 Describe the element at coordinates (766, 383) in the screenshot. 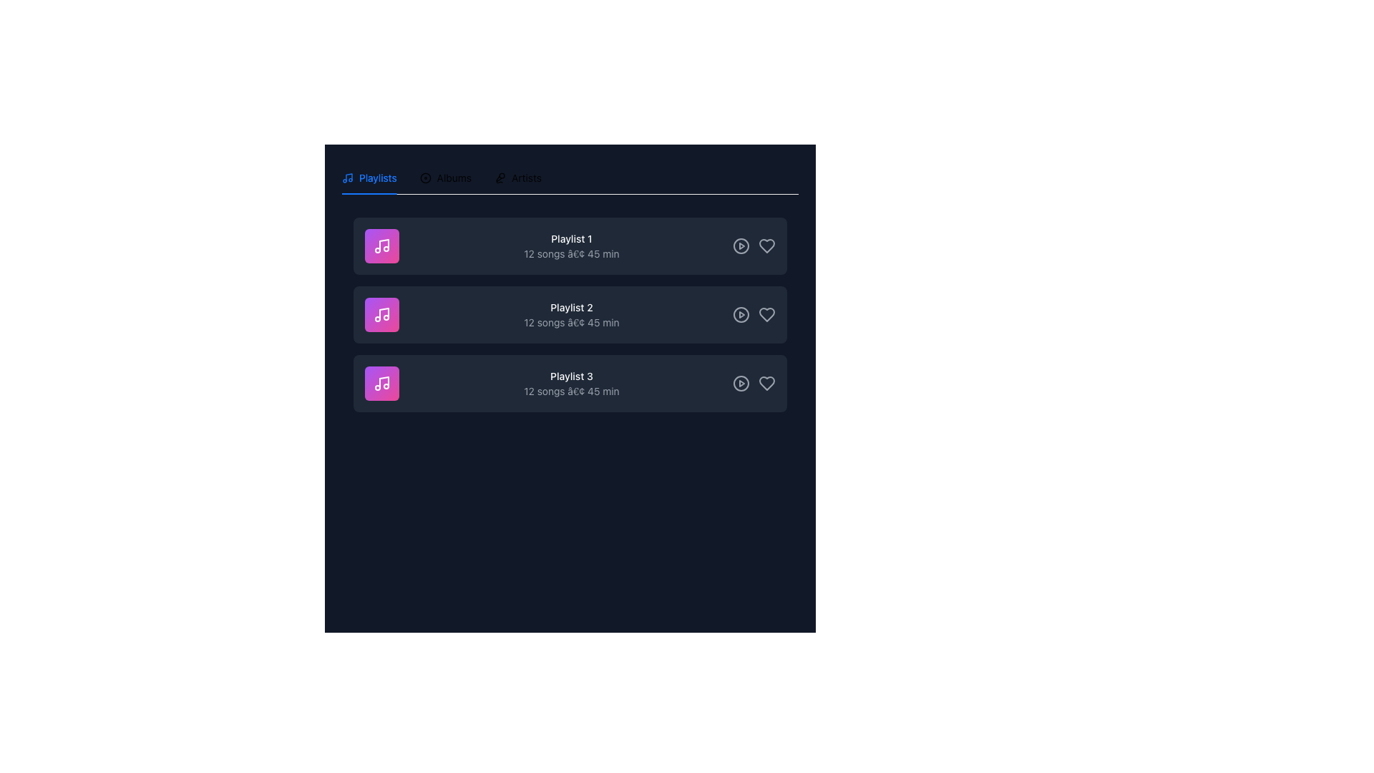

I see `the favorite icon button located on the far right side of the third playlist item` at that location.